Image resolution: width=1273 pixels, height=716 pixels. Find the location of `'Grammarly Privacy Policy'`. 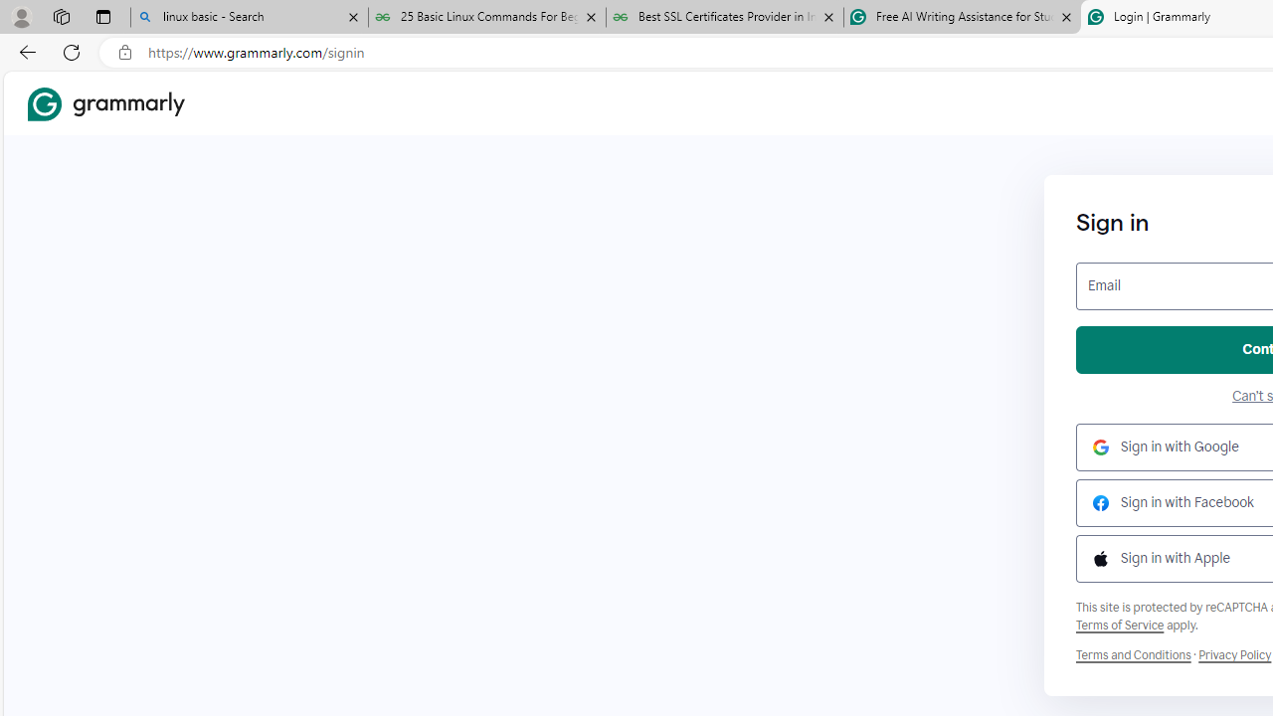

'Grammarly Privacy Policy' is located at coordinates (1233, 655).